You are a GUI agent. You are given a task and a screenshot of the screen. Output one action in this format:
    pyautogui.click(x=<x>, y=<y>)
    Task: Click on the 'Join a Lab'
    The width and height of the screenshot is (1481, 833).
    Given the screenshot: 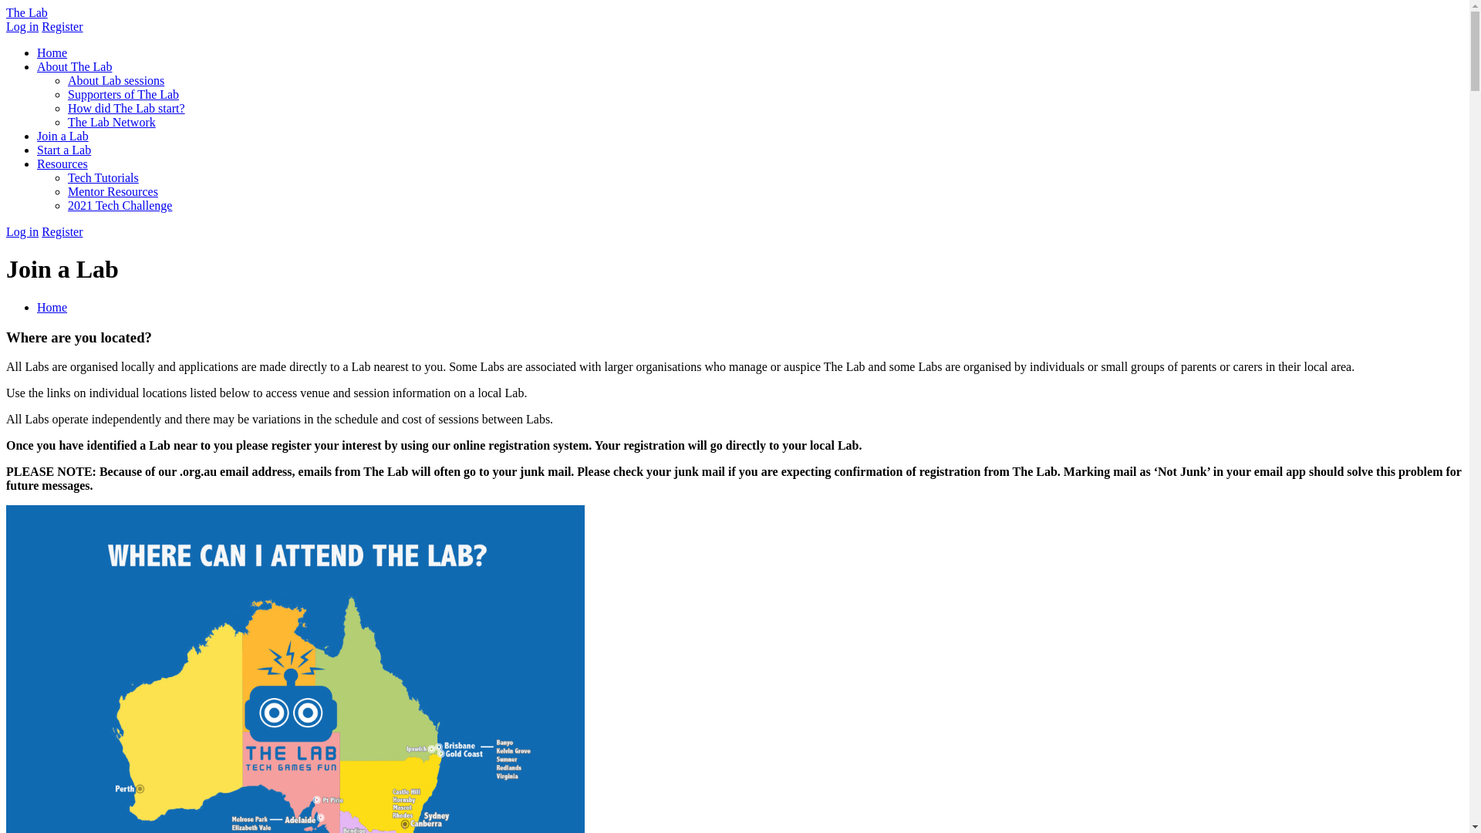 What is the action you would take?
    pyautogui.click(x=37, y=135)
    